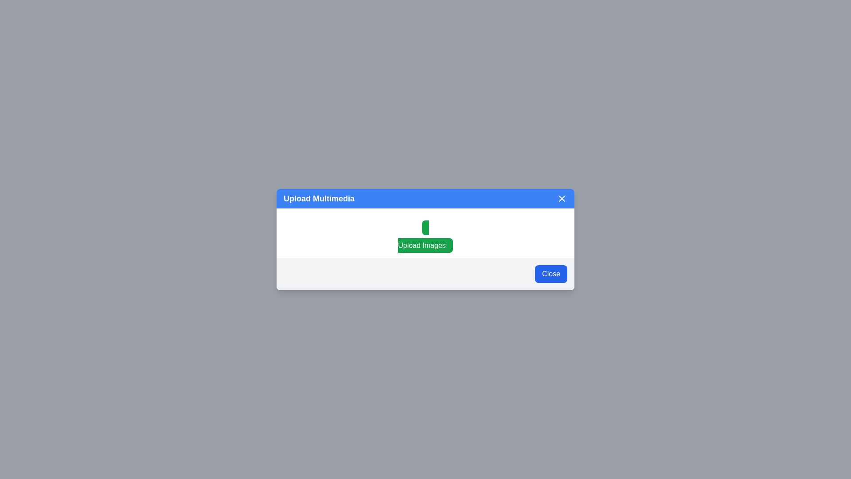 The width and height of the screenshot is (851, 479). What do you see at coordinates (550, 273) in the screenshot?
I see `the rectangular blue button labeled 'Close' with white text` at bounding box center [550, 273].